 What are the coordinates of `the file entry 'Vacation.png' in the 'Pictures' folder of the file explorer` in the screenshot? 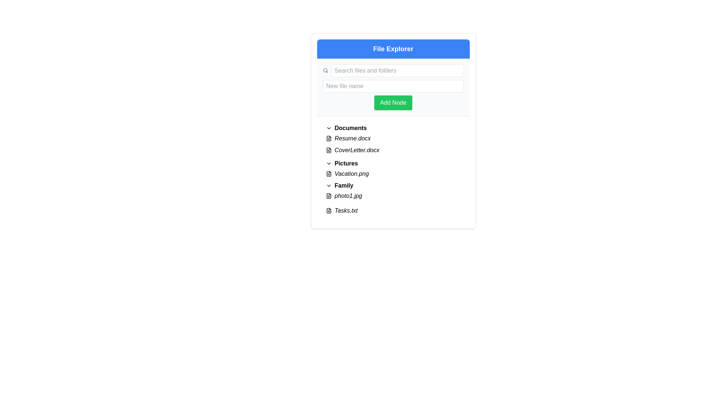 It's located at (393, 174).